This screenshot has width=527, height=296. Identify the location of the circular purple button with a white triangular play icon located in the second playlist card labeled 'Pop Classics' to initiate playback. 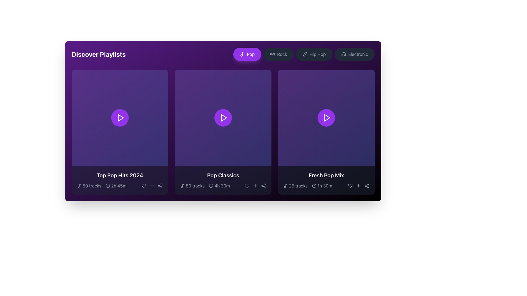
(223, 117).